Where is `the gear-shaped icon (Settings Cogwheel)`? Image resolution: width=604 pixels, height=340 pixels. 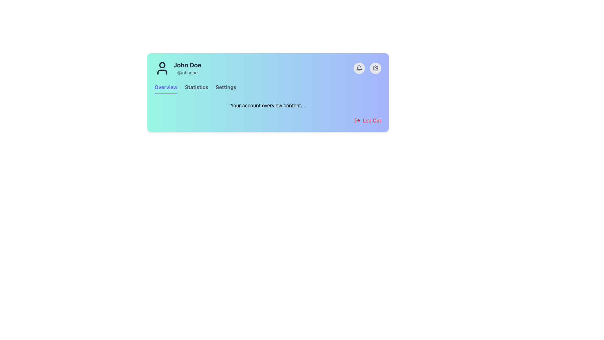
the gear-shaped icon (Settings Cogwheel) is located at coordinates (375, 68).